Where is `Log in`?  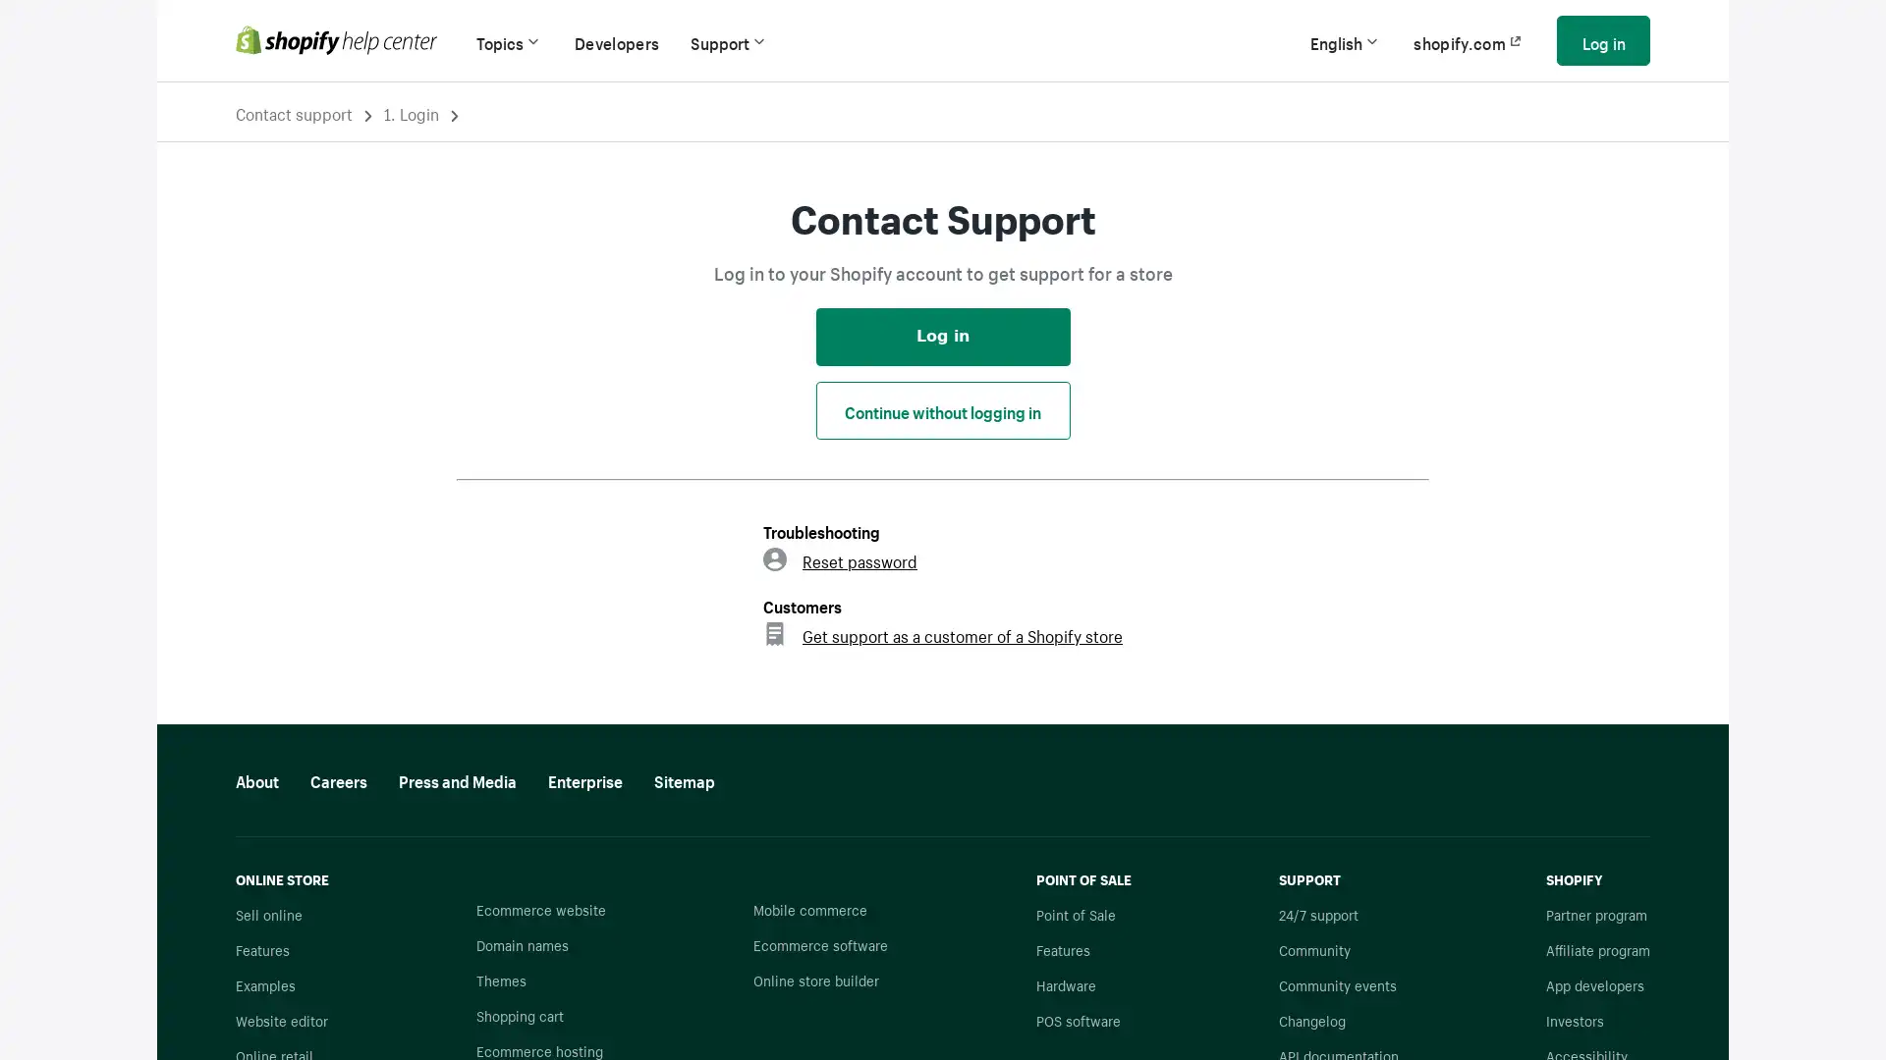 Log in is located at coordinates (941, 335).